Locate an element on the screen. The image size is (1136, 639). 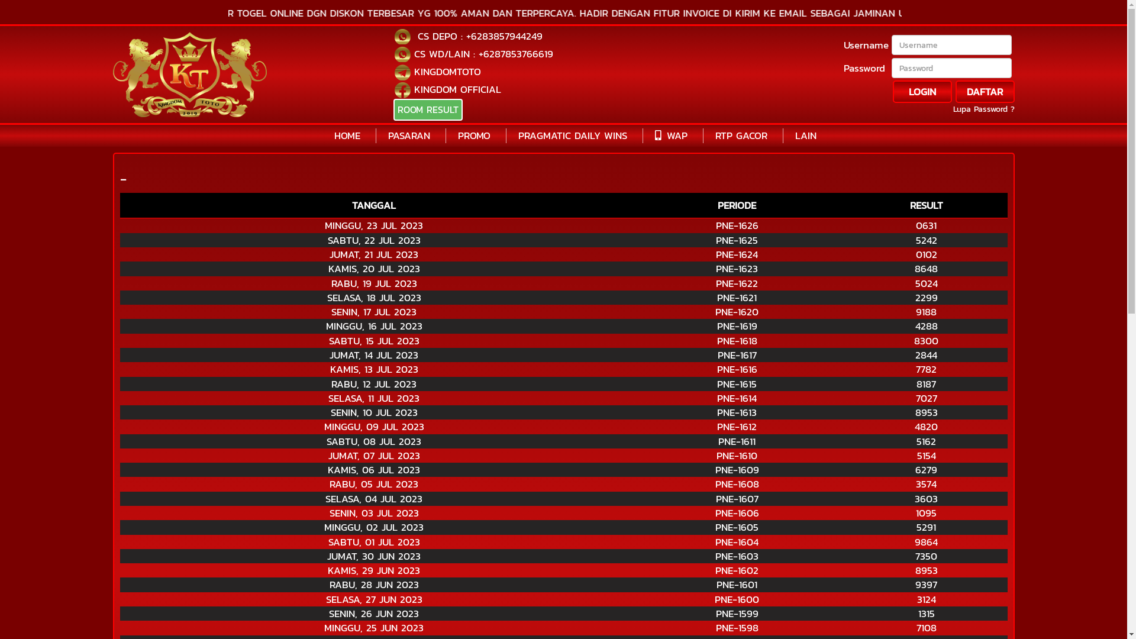
'HOME' is located at coordinates (334, 134).